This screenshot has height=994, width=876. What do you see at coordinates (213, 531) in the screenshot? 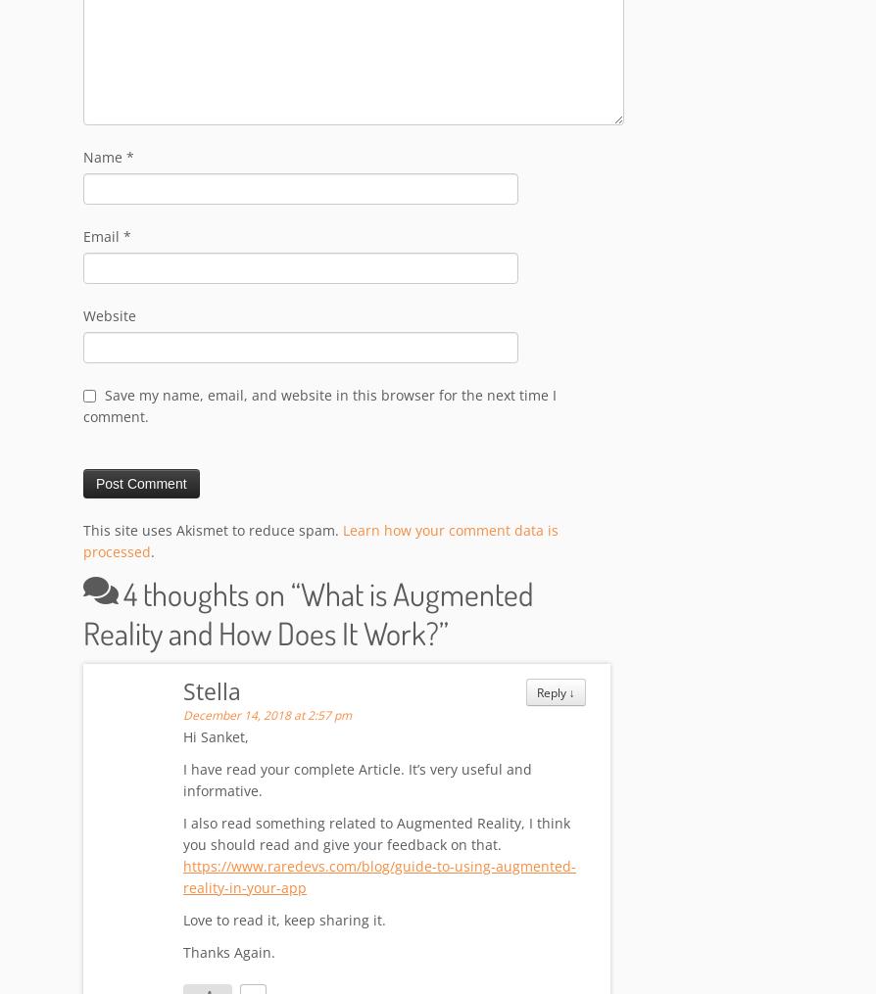
I see `'This site uses Akismet to reduce spam.'` at bounding box center [213, 531].